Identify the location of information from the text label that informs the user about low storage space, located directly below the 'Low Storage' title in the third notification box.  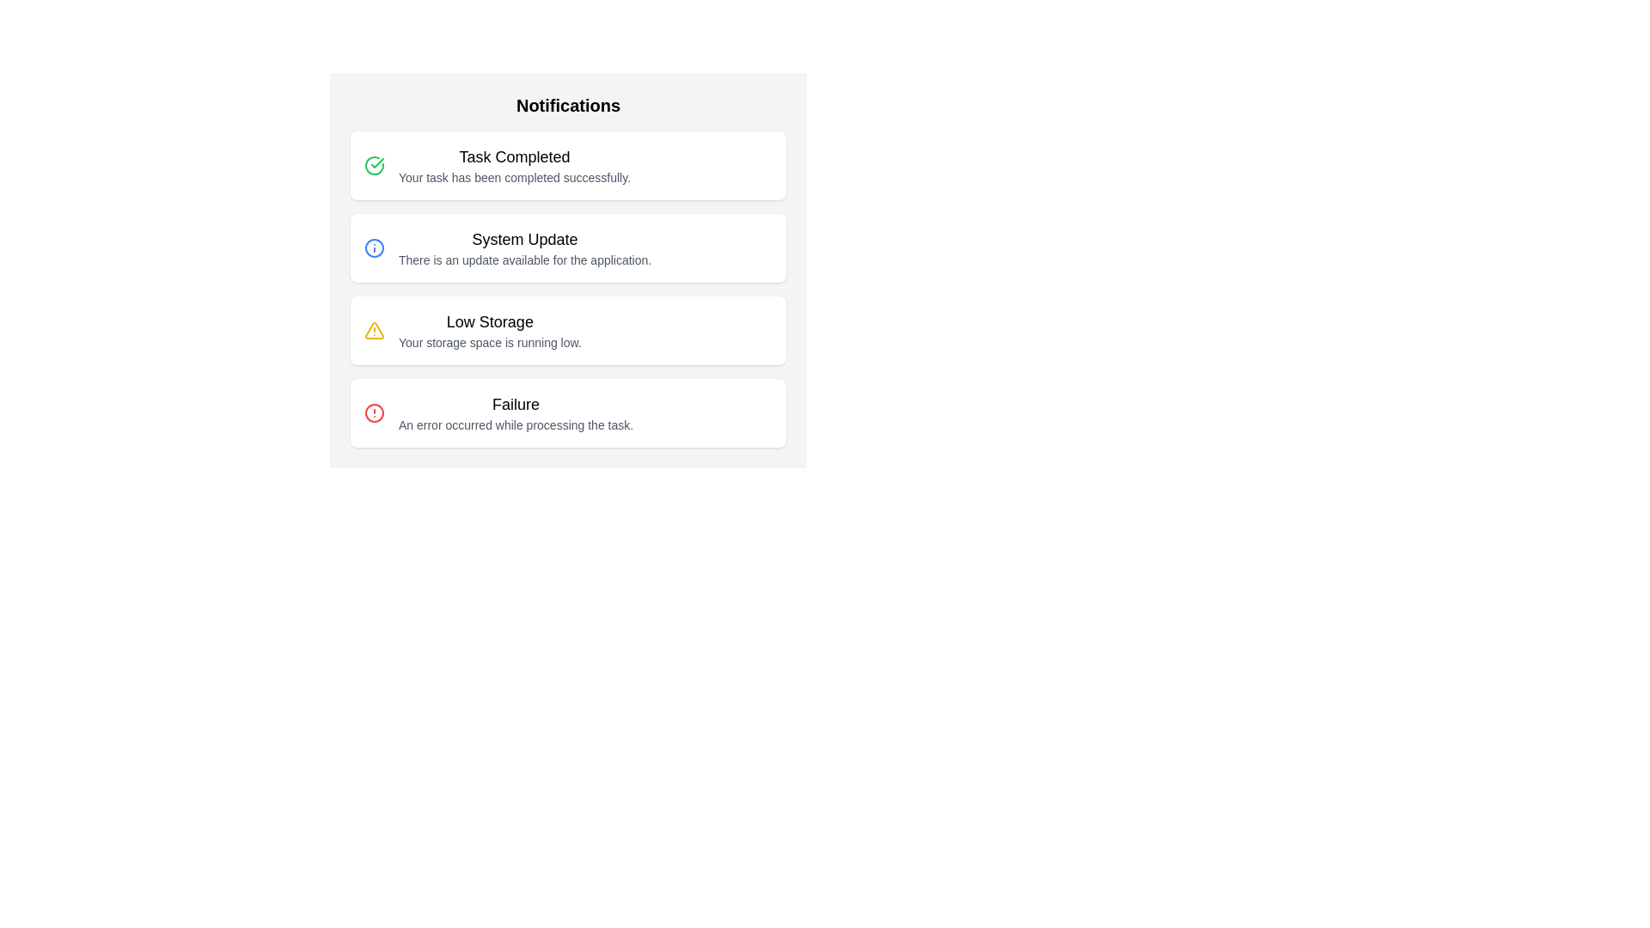
(489, 342).